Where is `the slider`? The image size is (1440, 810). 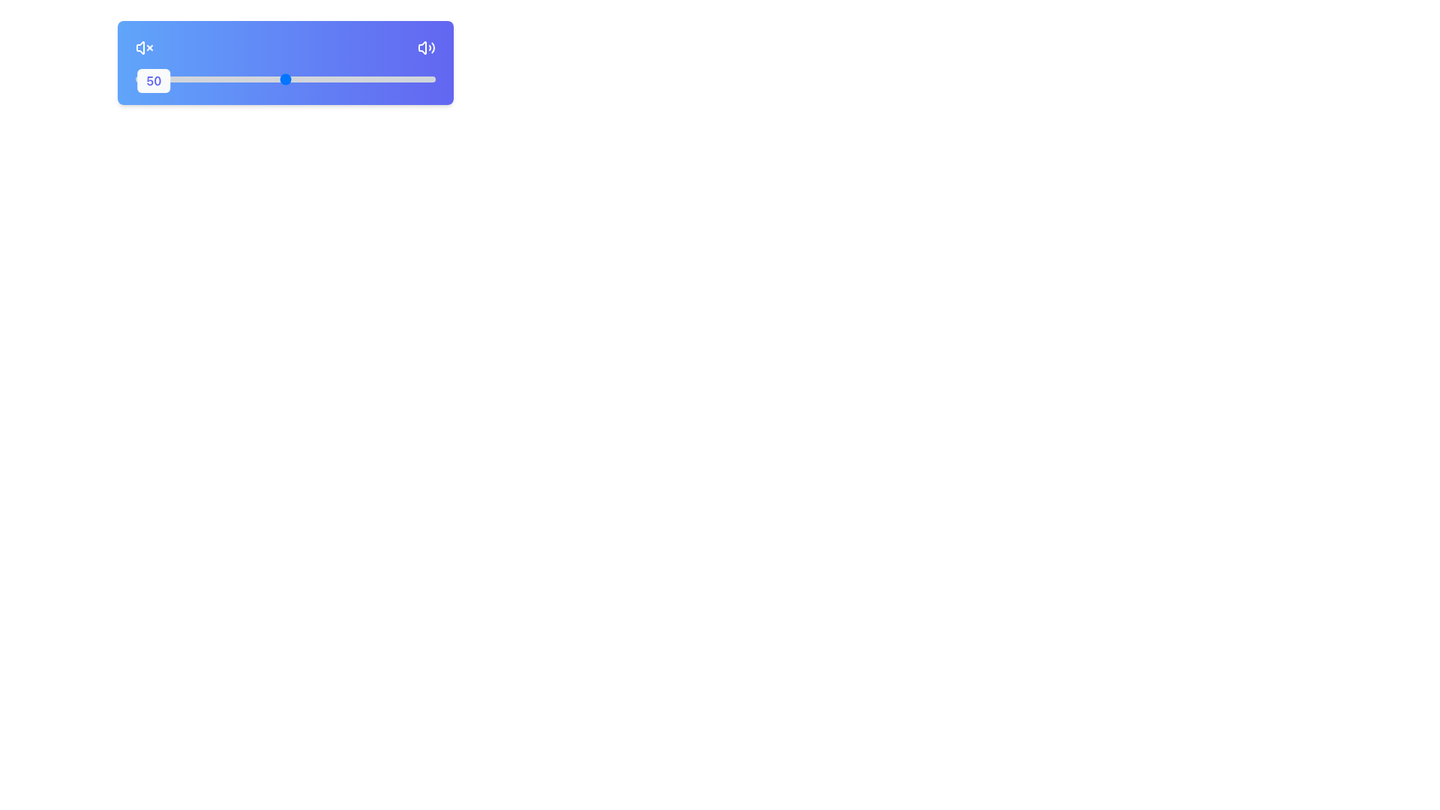
the slider is located at coordinates (280, 79).